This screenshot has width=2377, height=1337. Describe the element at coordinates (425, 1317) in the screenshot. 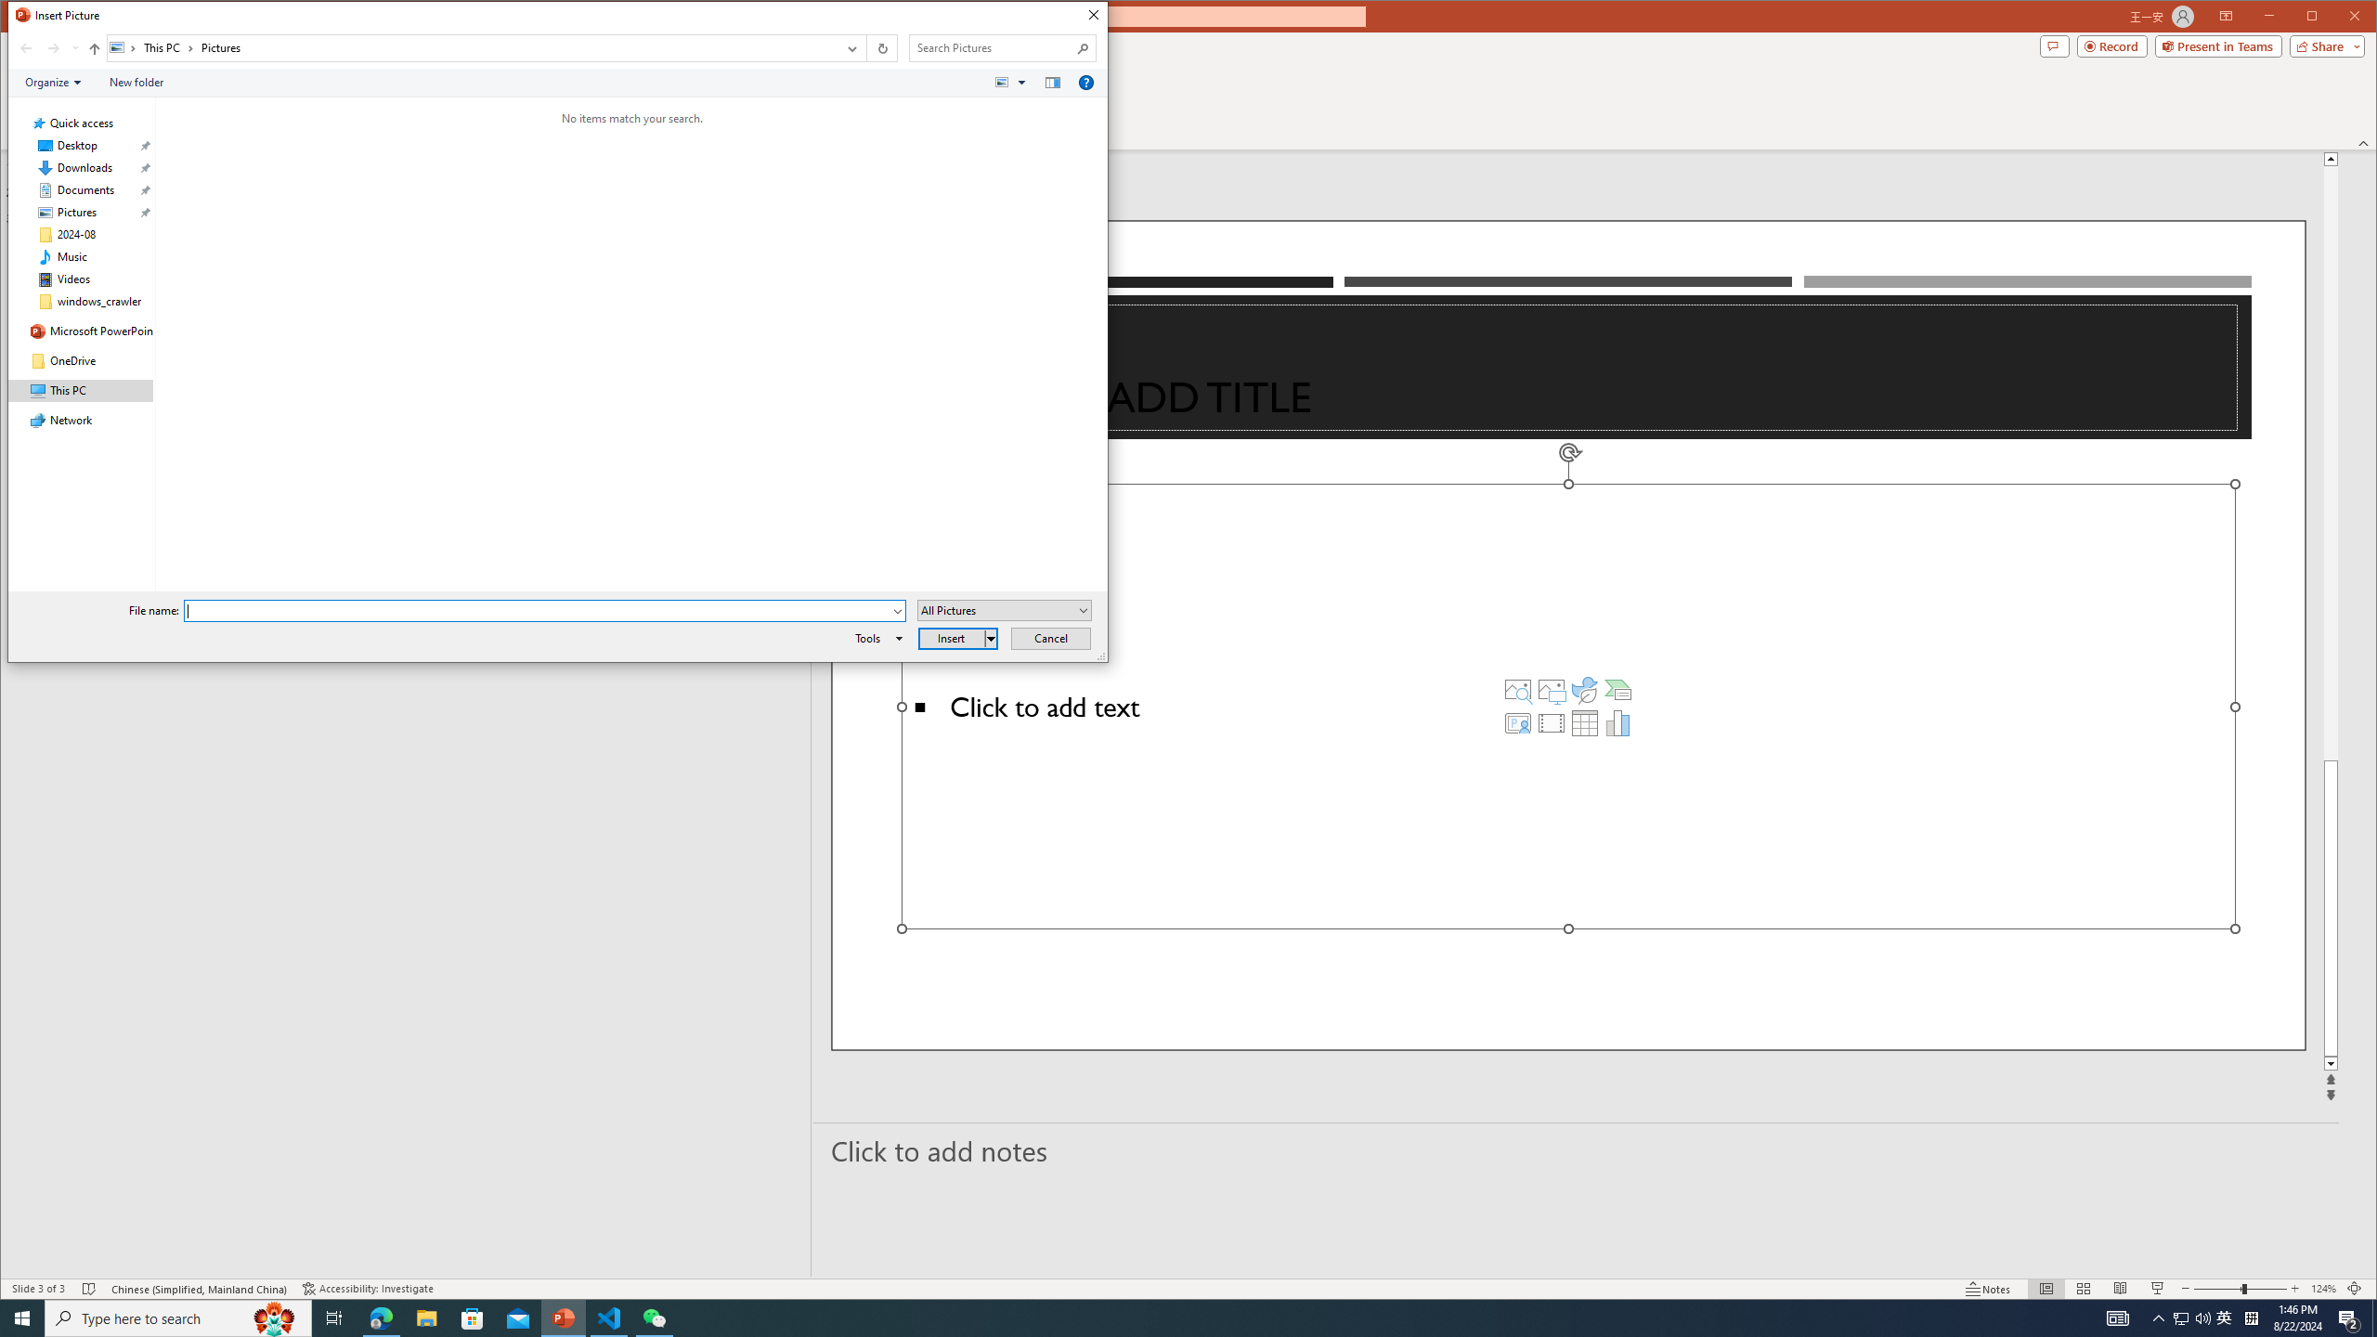

I see `'File Explorer'` at that location.